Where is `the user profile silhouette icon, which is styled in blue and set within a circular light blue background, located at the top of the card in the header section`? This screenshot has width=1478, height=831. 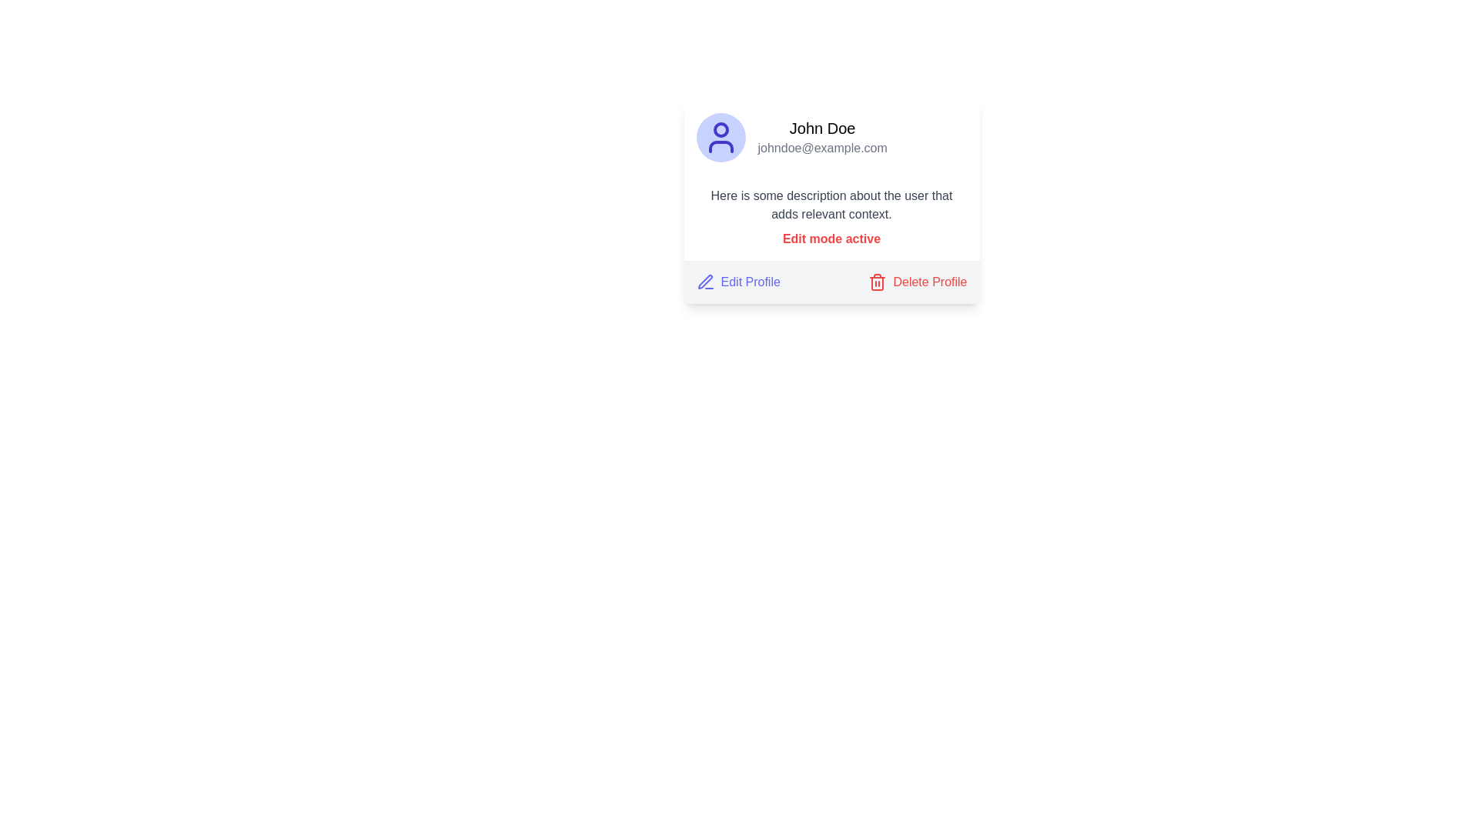 the user profile silhouette icon, which is styled in blue and set within a circular light blue background, located at the top of the card in the header section is located at coordinates (720, 136).